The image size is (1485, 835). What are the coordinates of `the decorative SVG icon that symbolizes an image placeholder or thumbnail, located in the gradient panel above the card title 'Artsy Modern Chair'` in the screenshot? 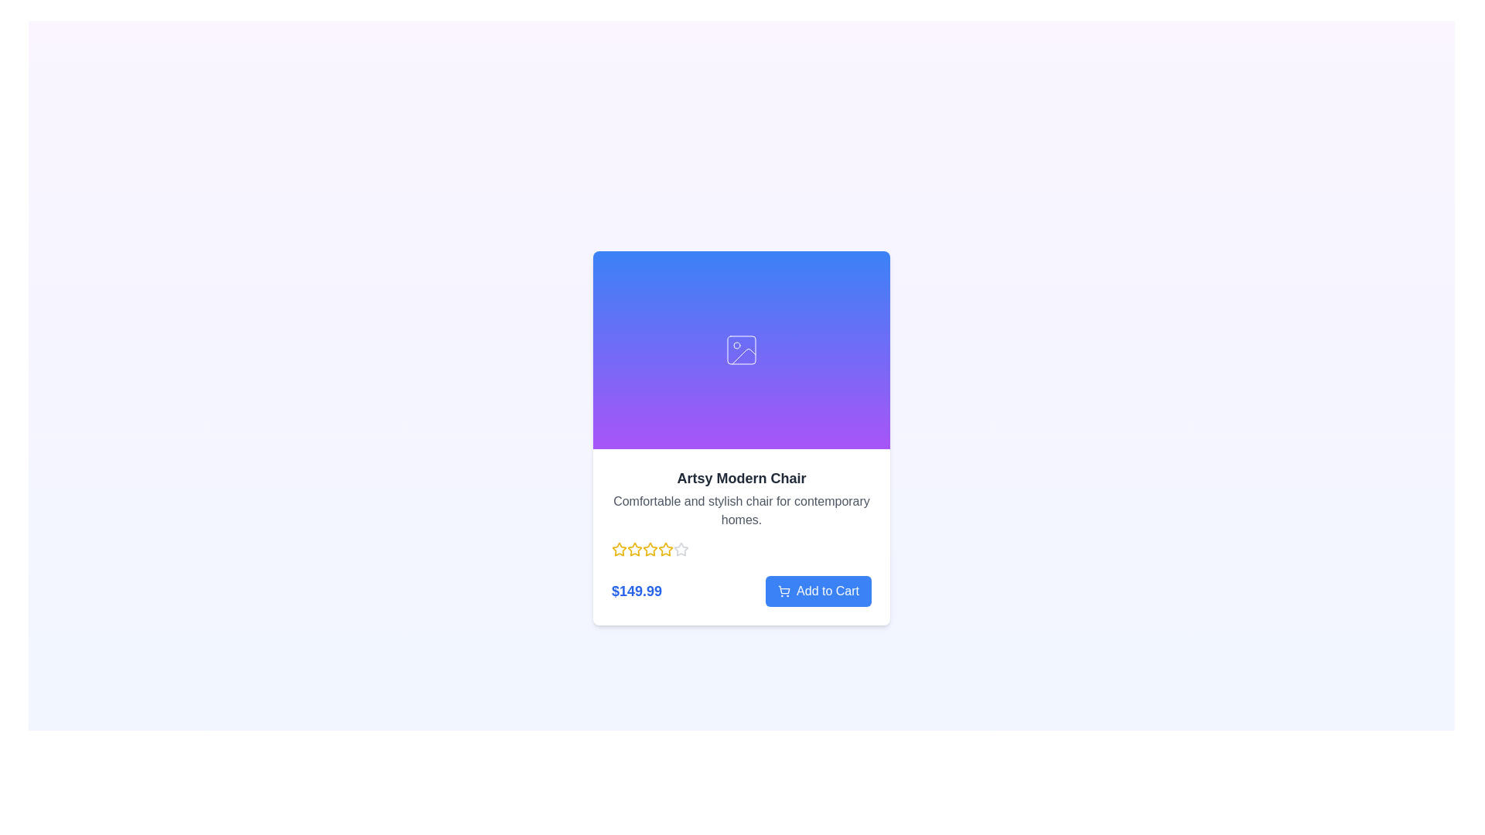 It's located at (741, 349).